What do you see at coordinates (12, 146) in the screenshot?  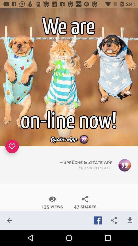 I see `the favorite icon` at bounding box center [12, 146].